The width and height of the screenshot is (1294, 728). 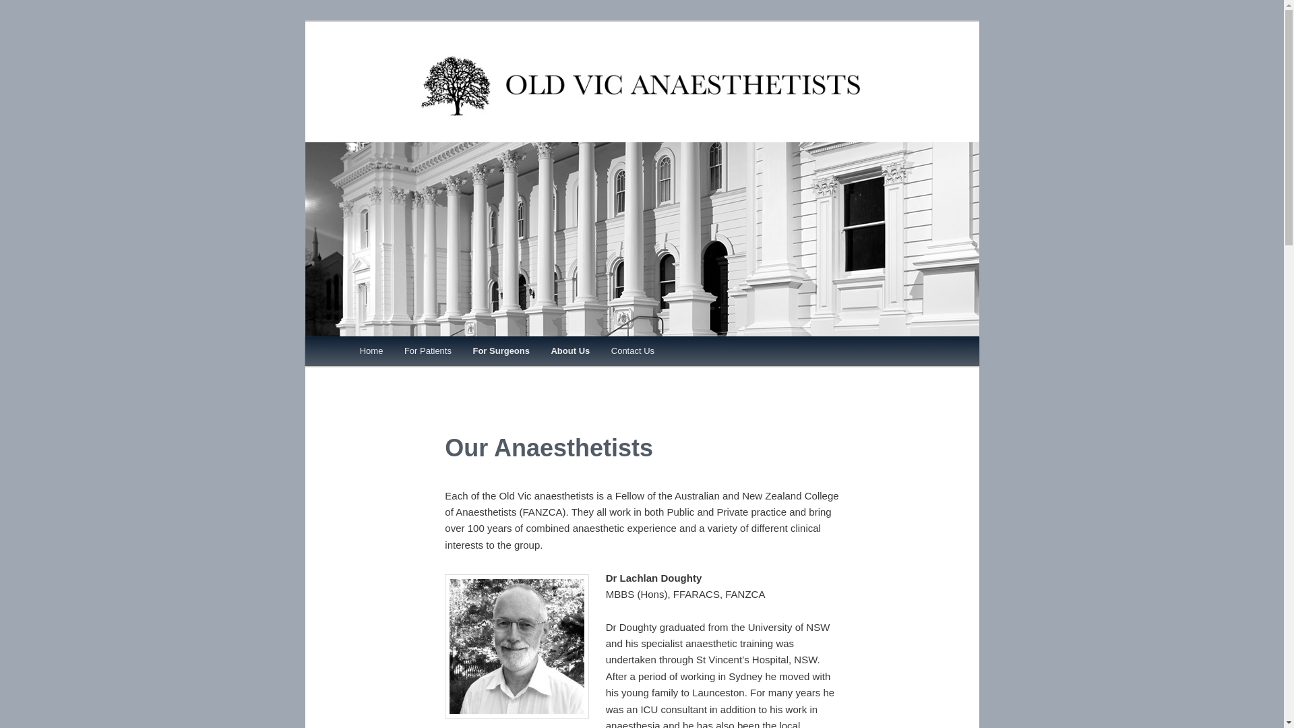 I want to click on 'Skip to primary content', so click(x=419, y=353).